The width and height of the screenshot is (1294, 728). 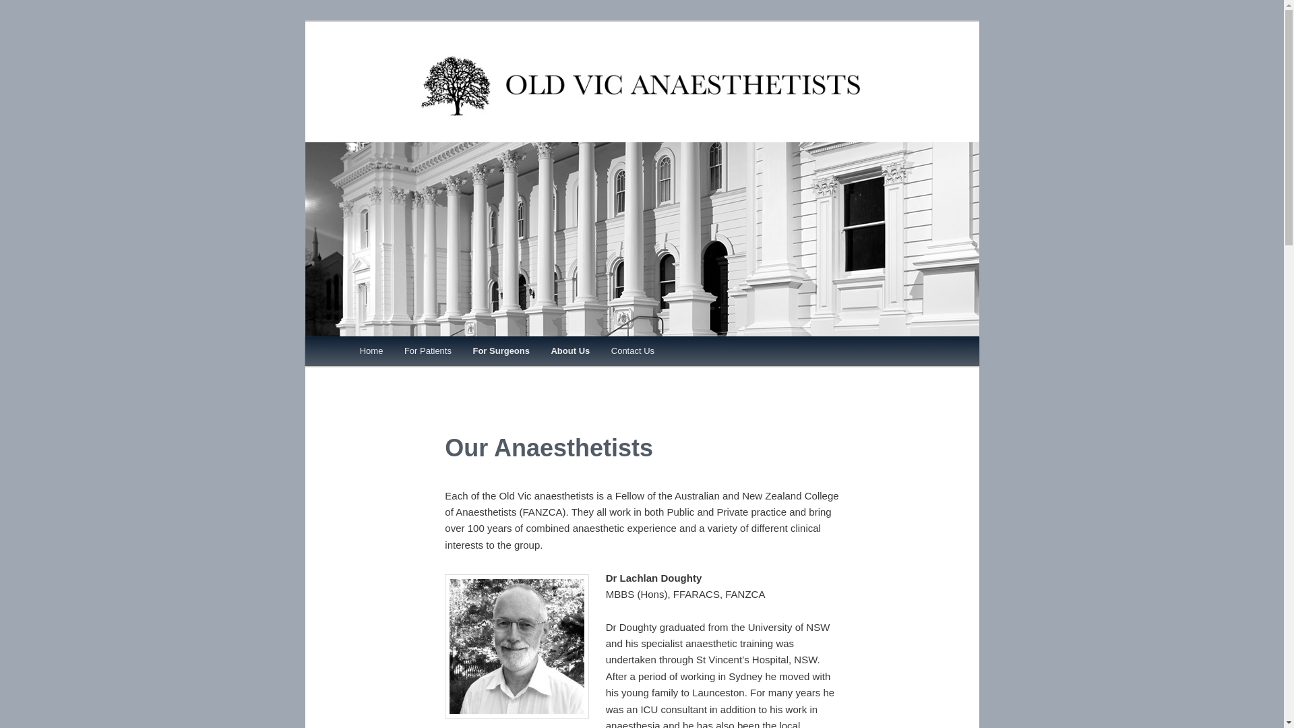 I want to click on 'Skip to primary content', so click(x=419, y=353).